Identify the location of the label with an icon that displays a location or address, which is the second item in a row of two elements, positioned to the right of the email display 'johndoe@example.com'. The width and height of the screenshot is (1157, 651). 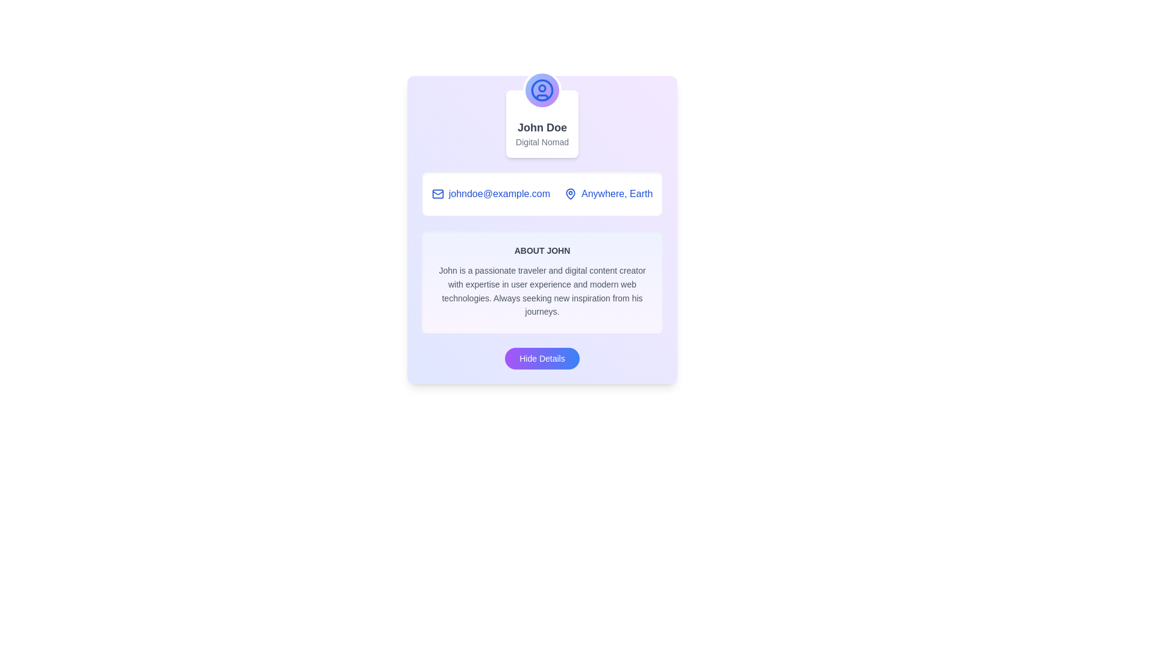
(609, 193).